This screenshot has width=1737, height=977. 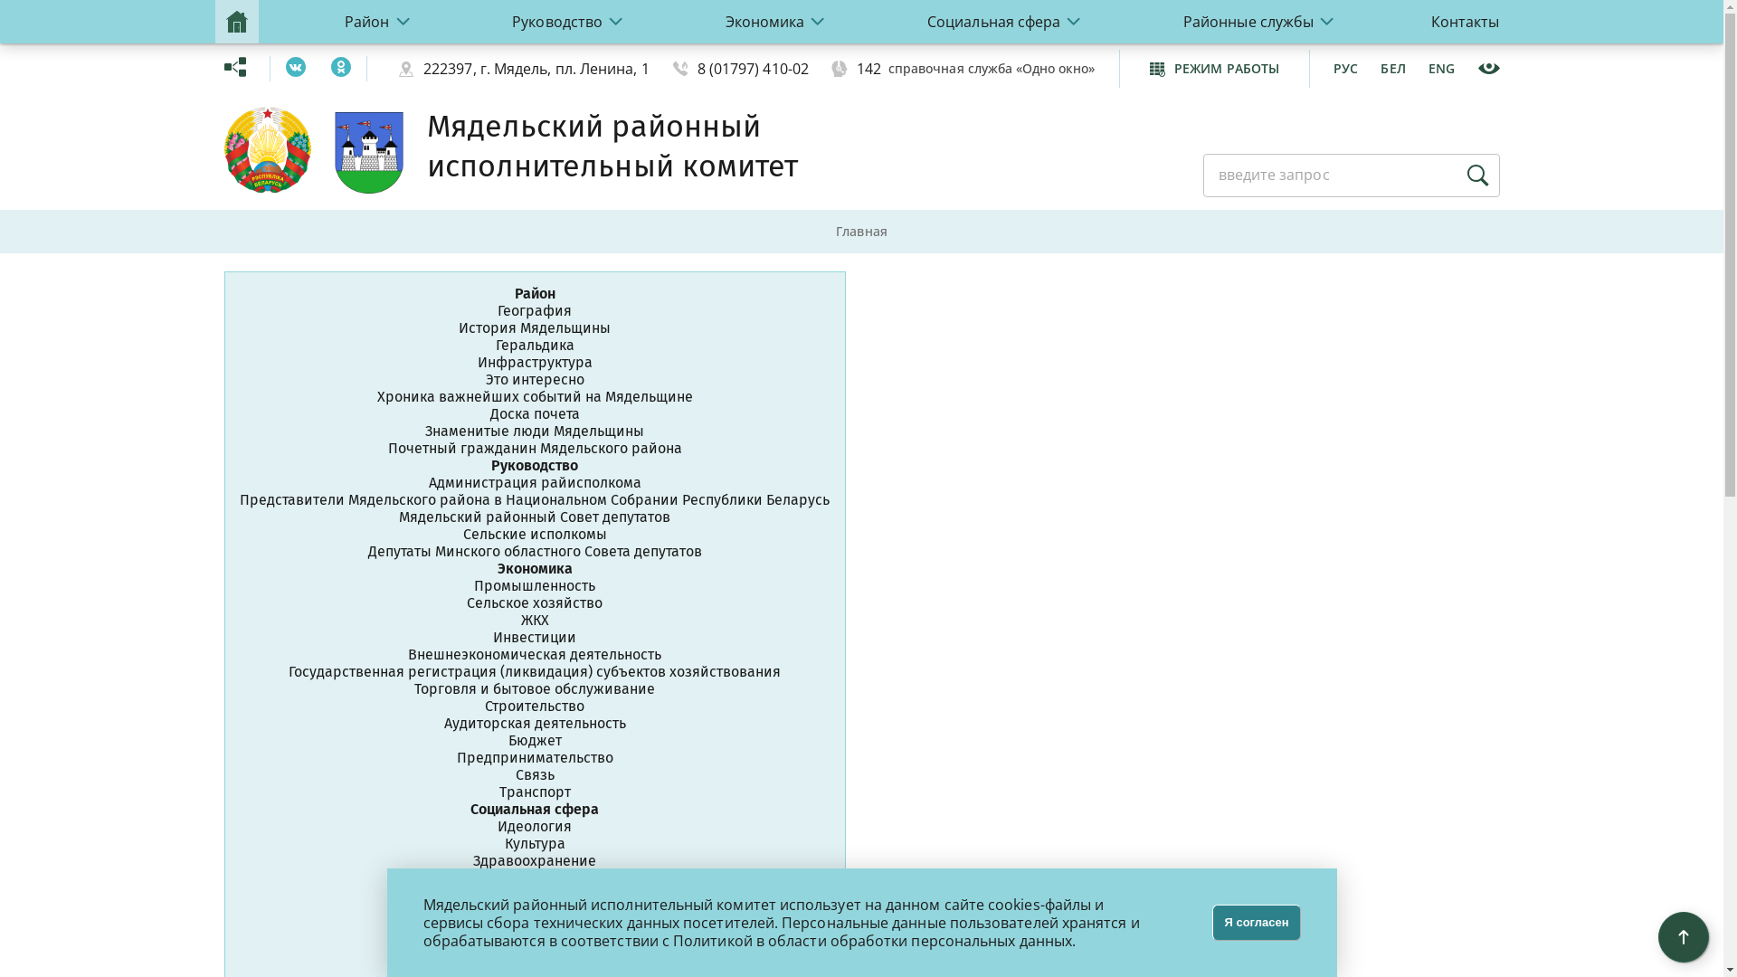 What do you see at coordinates (1440, 67) in the screenshot?
I see `'ENG'` at bounding box center [1440, 67].